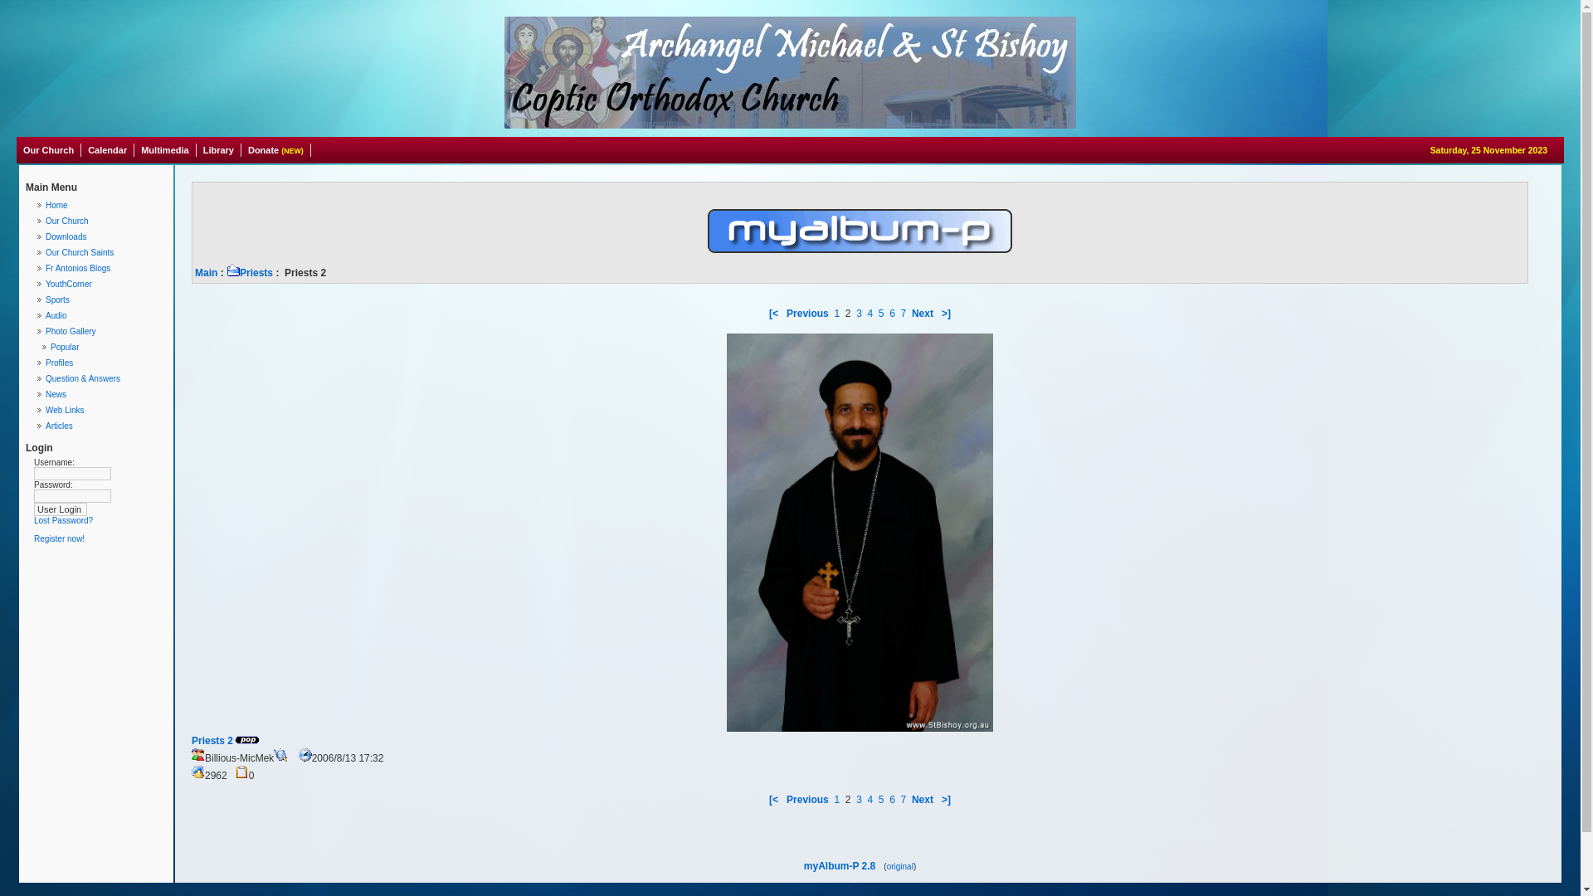  Describe the element at coordinates (60, 508) in the screenshot. I see `'User Login'` at that location.